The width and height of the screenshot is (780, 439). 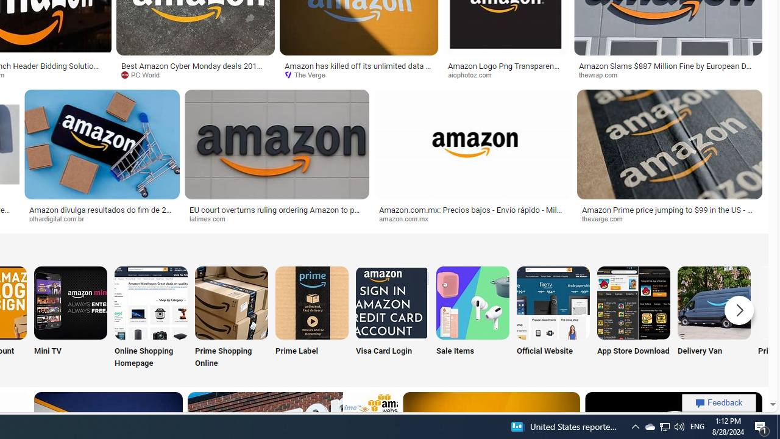 I want to click on 'The Verge', so click(x=358, y=75).